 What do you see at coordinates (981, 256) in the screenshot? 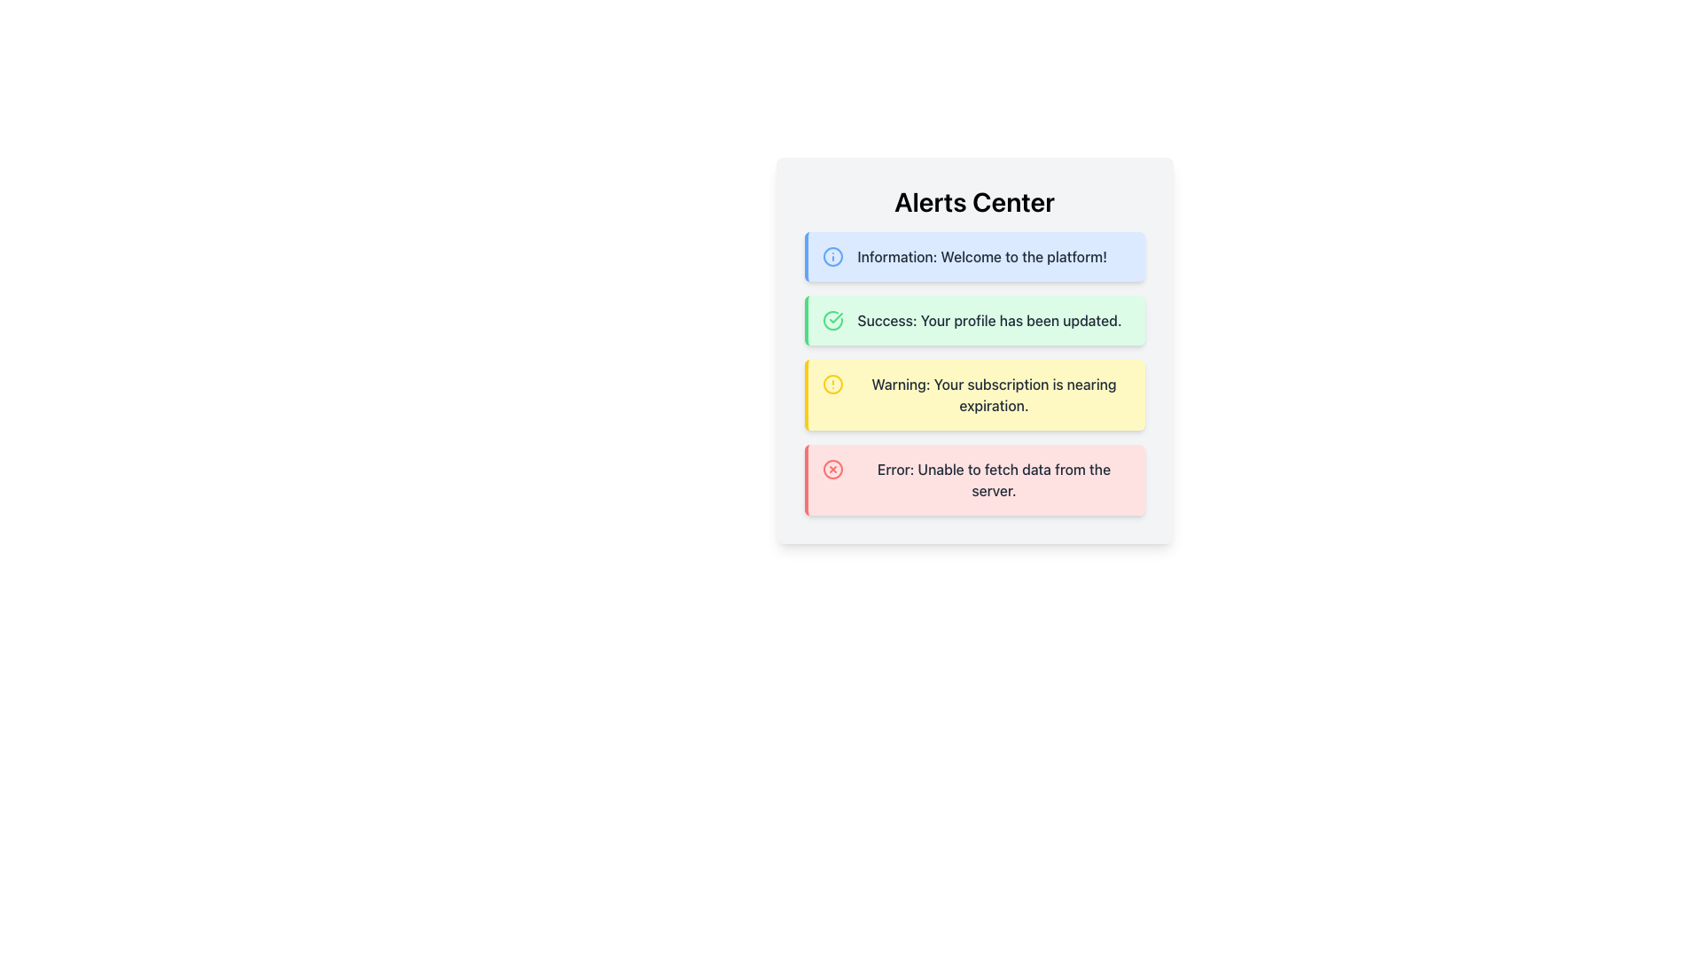
I see `message displayed in the text label that shows 'Information: Welcome to the platform!' located in the topmost notification card of the 'Alerts Center' section` at bounding box center [981, 256].